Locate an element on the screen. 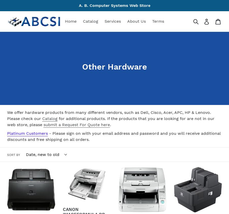 The width and height of the screenshot is (229, 214). 'for additional products. If the products that you are looking for are not in our web store, please' is located at coordinates (111, 122).